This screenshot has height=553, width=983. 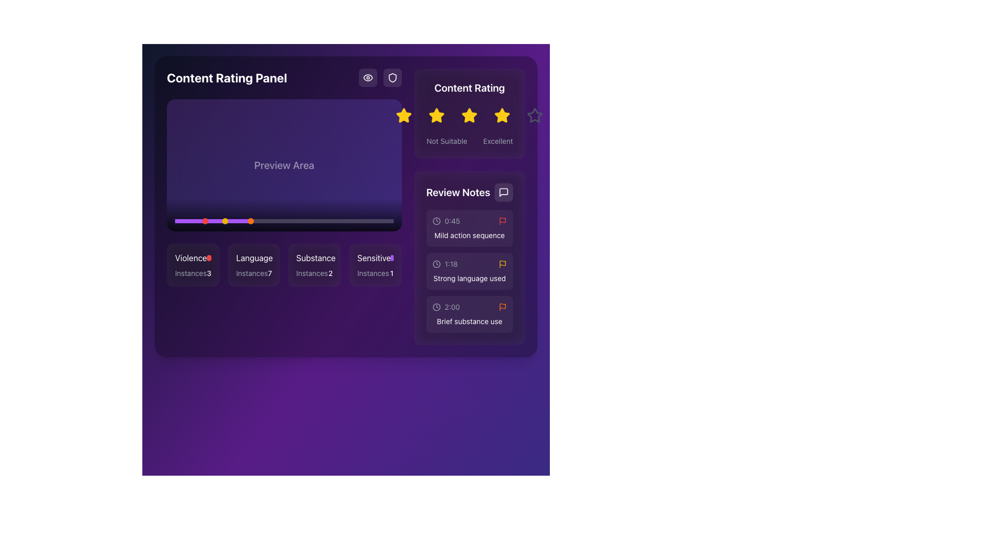 What do you see at coordinates (330, 272) in the screenshot?
I see `the small numerical static text displayed in white color adjacent to the word 'Instances' within the lower section of the 'Substance' card` at bounding box center [330, 272].